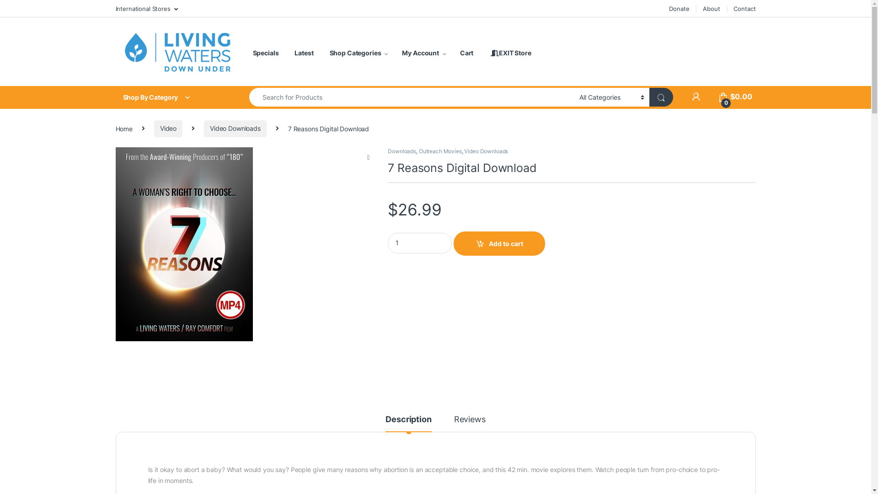 The width and height of the screenshot is (878, 494). What do you see at coordinates (466, 53) in the screenshot?
I see `'Cart'` at bounding box center [466, 53].